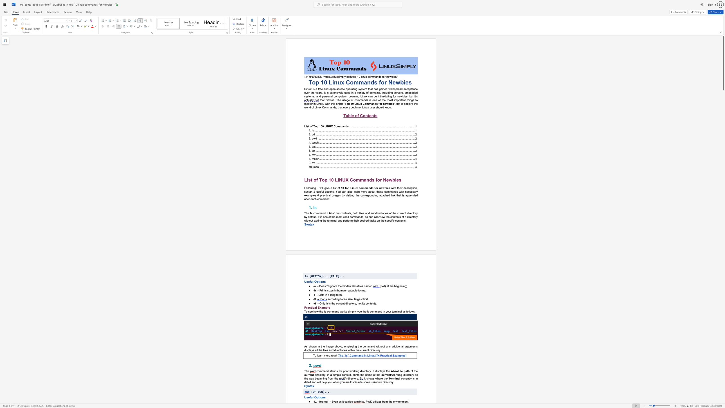  What do you see at coordinates (315, 107) in the screenshot?
I see `the 1th character "L" in the text` at bounding box center [315, 107].